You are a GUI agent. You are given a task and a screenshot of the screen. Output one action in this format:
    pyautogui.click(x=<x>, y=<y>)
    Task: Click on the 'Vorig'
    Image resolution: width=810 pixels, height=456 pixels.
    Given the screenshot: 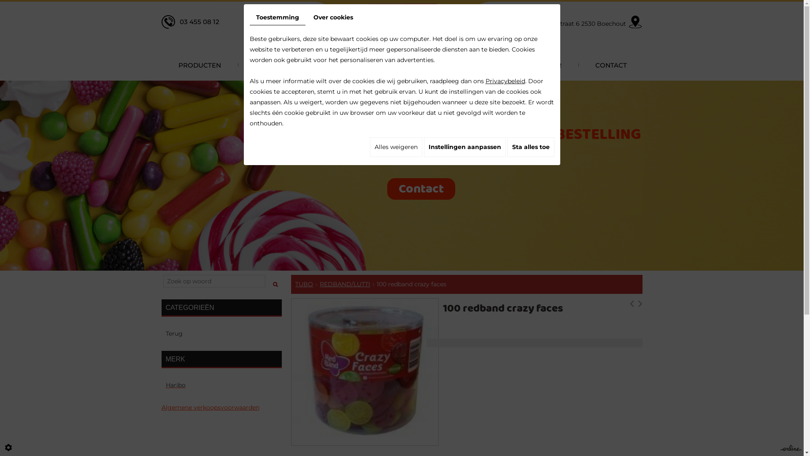 What is the action you would take?
    pyautogui.click(x=629, y=305)
    